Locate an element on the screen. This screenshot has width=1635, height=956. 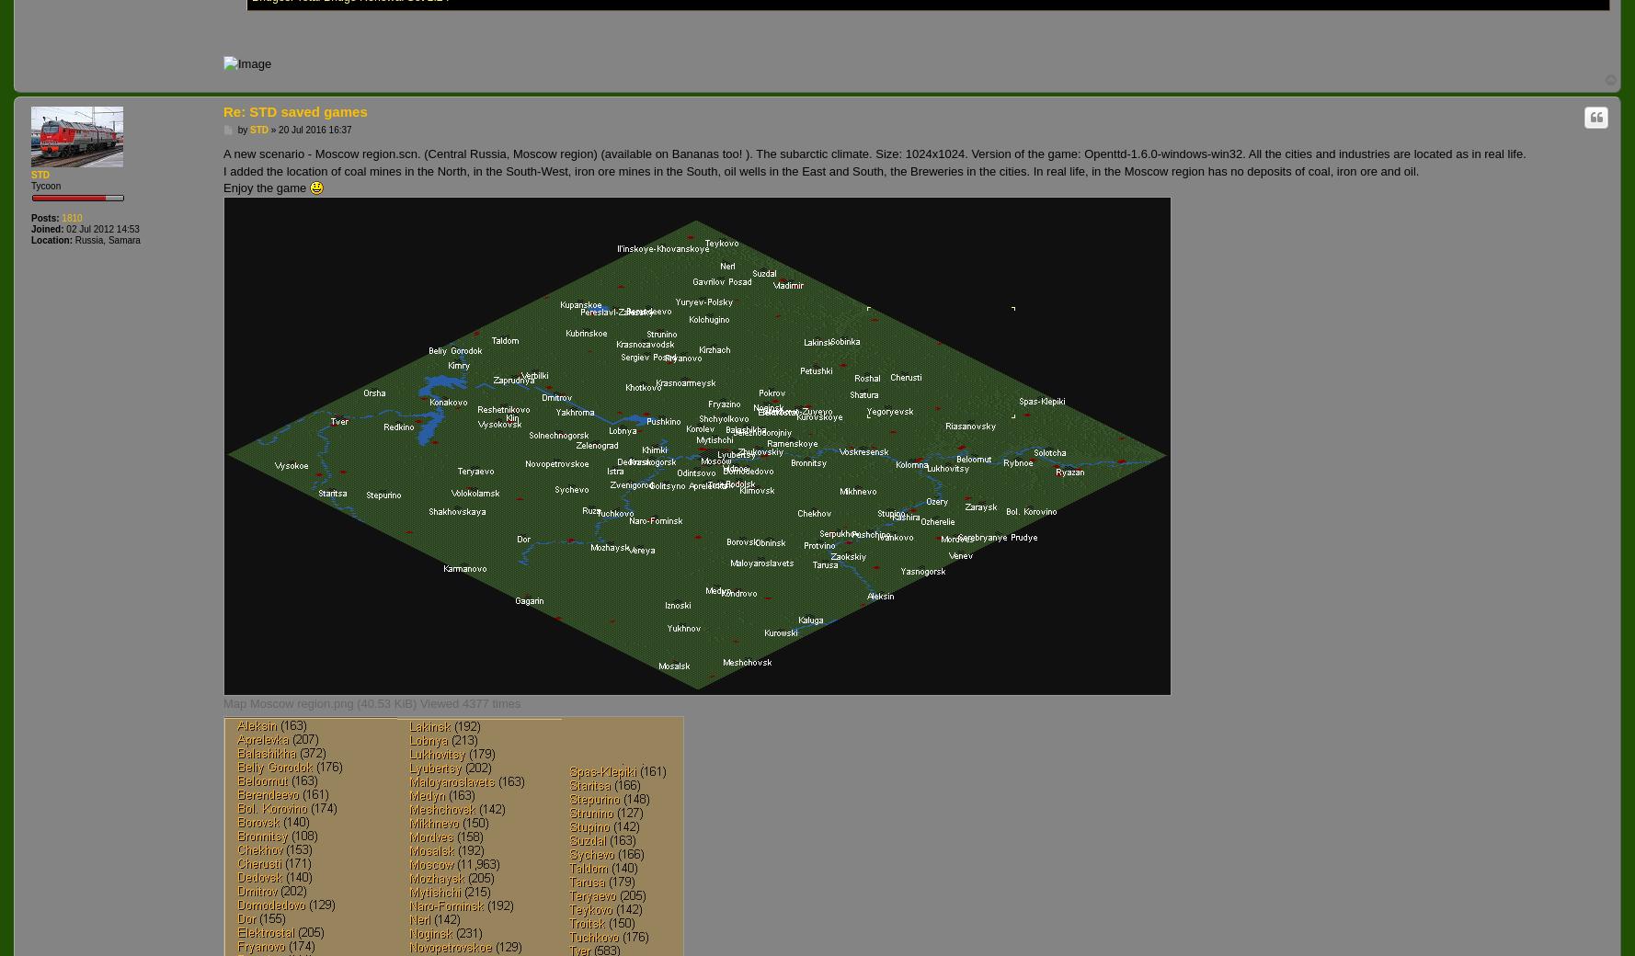
'Location:' is located at coordinates (51, 239).